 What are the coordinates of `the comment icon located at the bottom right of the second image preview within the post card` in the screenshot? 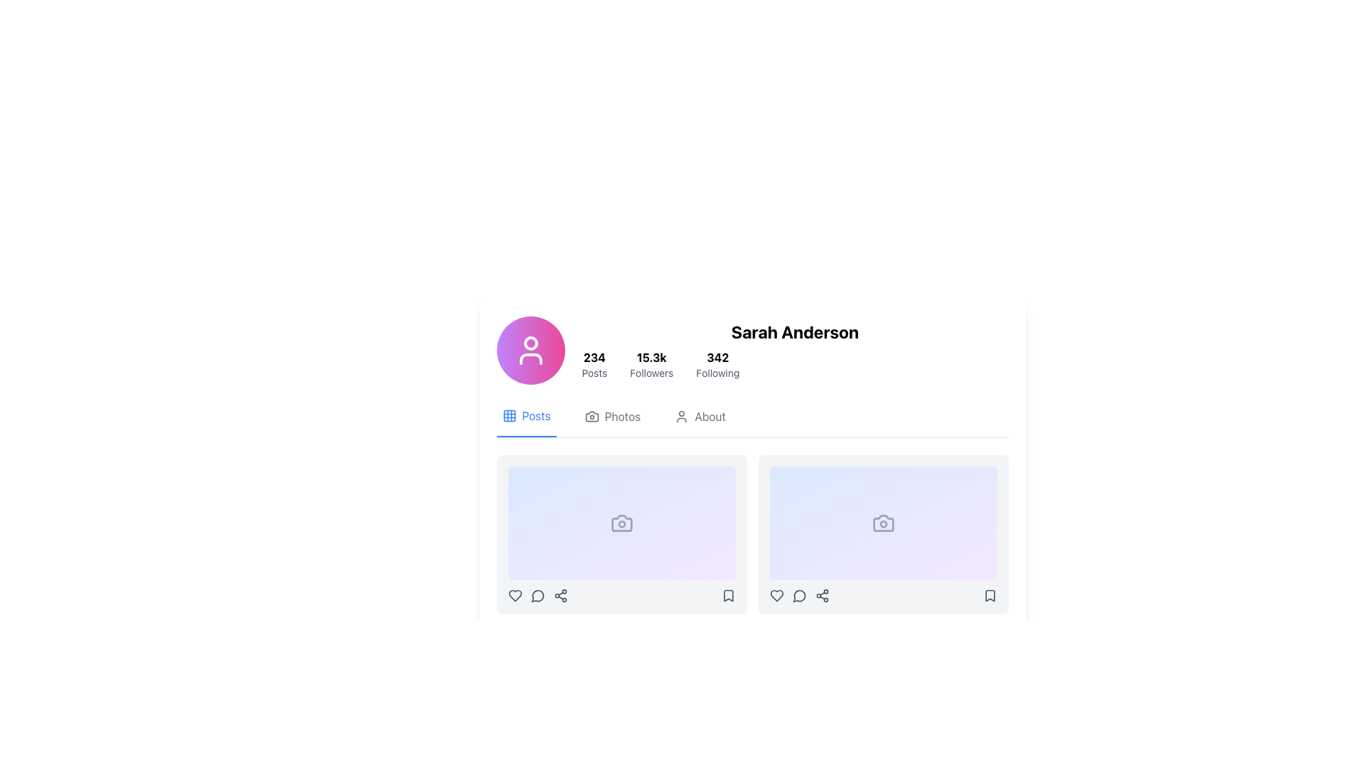 It's located at (799, 596).